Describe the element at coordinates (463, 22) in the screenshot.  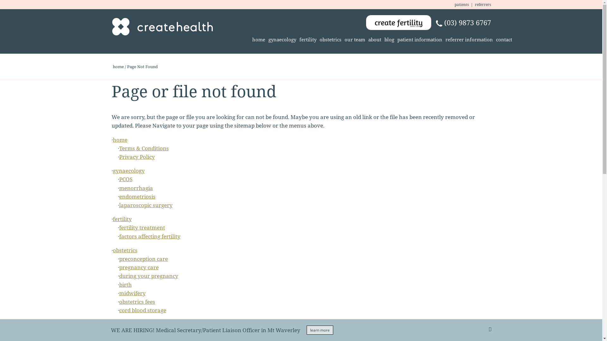
I see `'(03) 9873 6767'` at that location.